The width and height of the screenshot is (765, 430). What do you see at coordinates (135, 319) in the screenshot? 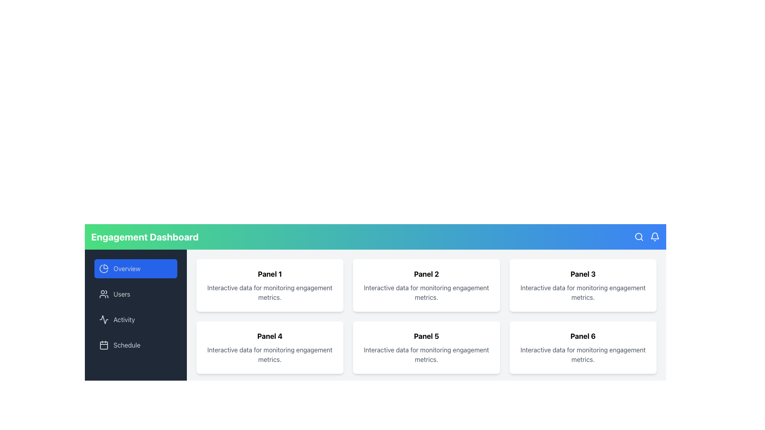
I see `the 'Activity' button located in the vertical menu on the left side of the interface, which is the third option in the list` at bounding box center [135, 319].